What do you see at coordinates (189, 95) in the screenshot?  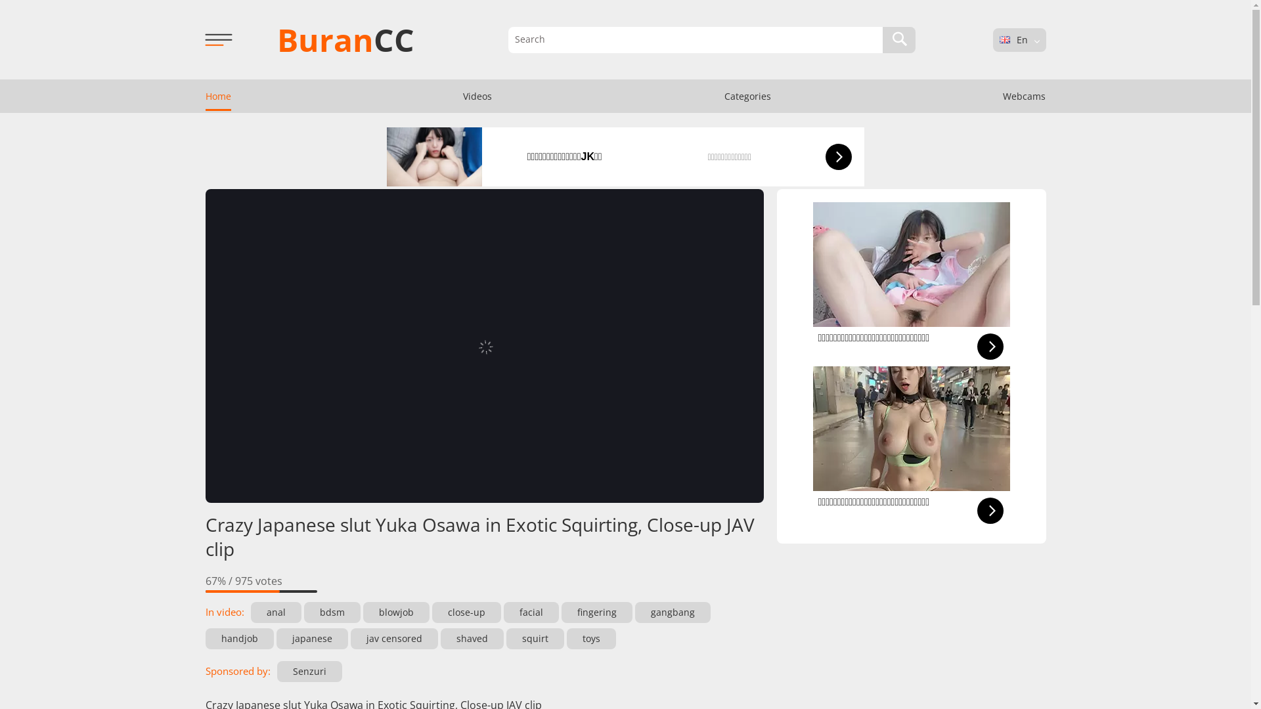 I see `'Home'` at bounding box center [189, 95].